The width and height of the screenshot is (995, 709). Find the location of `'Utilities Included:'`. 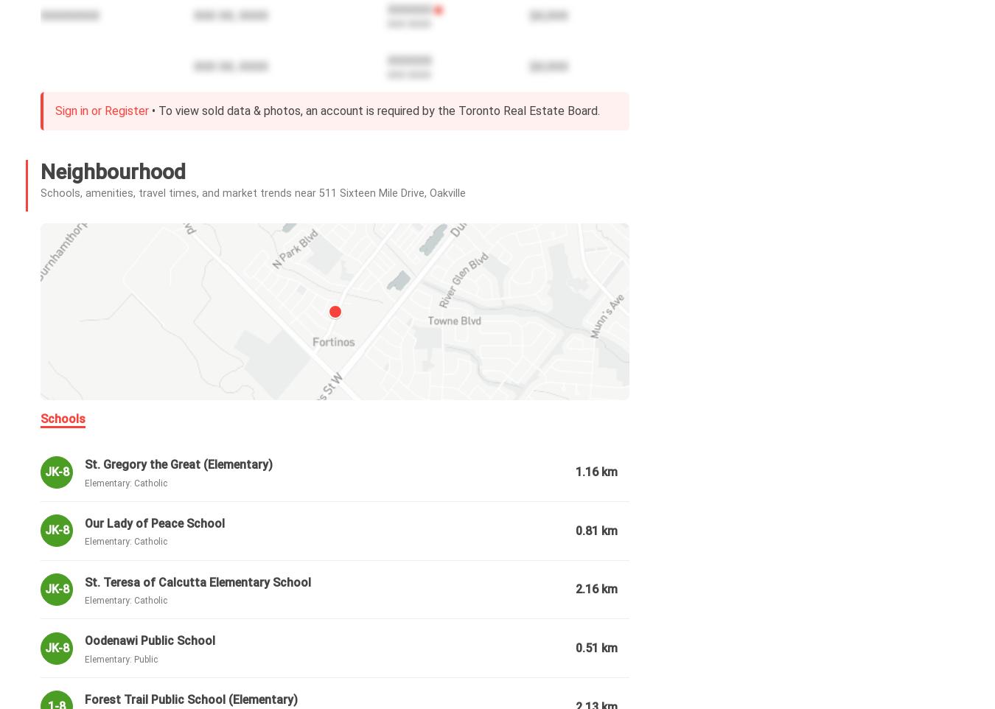

'Utilities Included:' is located at coordinates (39, 436).